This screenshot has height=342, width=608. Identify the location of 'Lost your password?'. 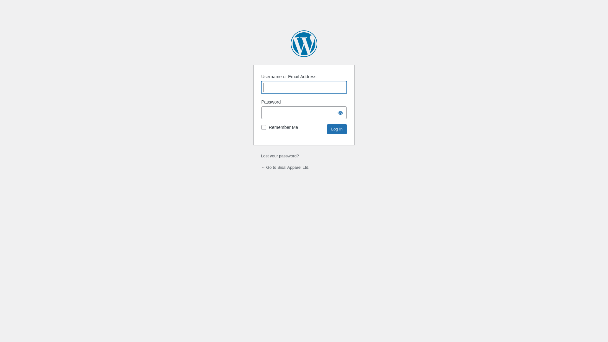
(279, 156).